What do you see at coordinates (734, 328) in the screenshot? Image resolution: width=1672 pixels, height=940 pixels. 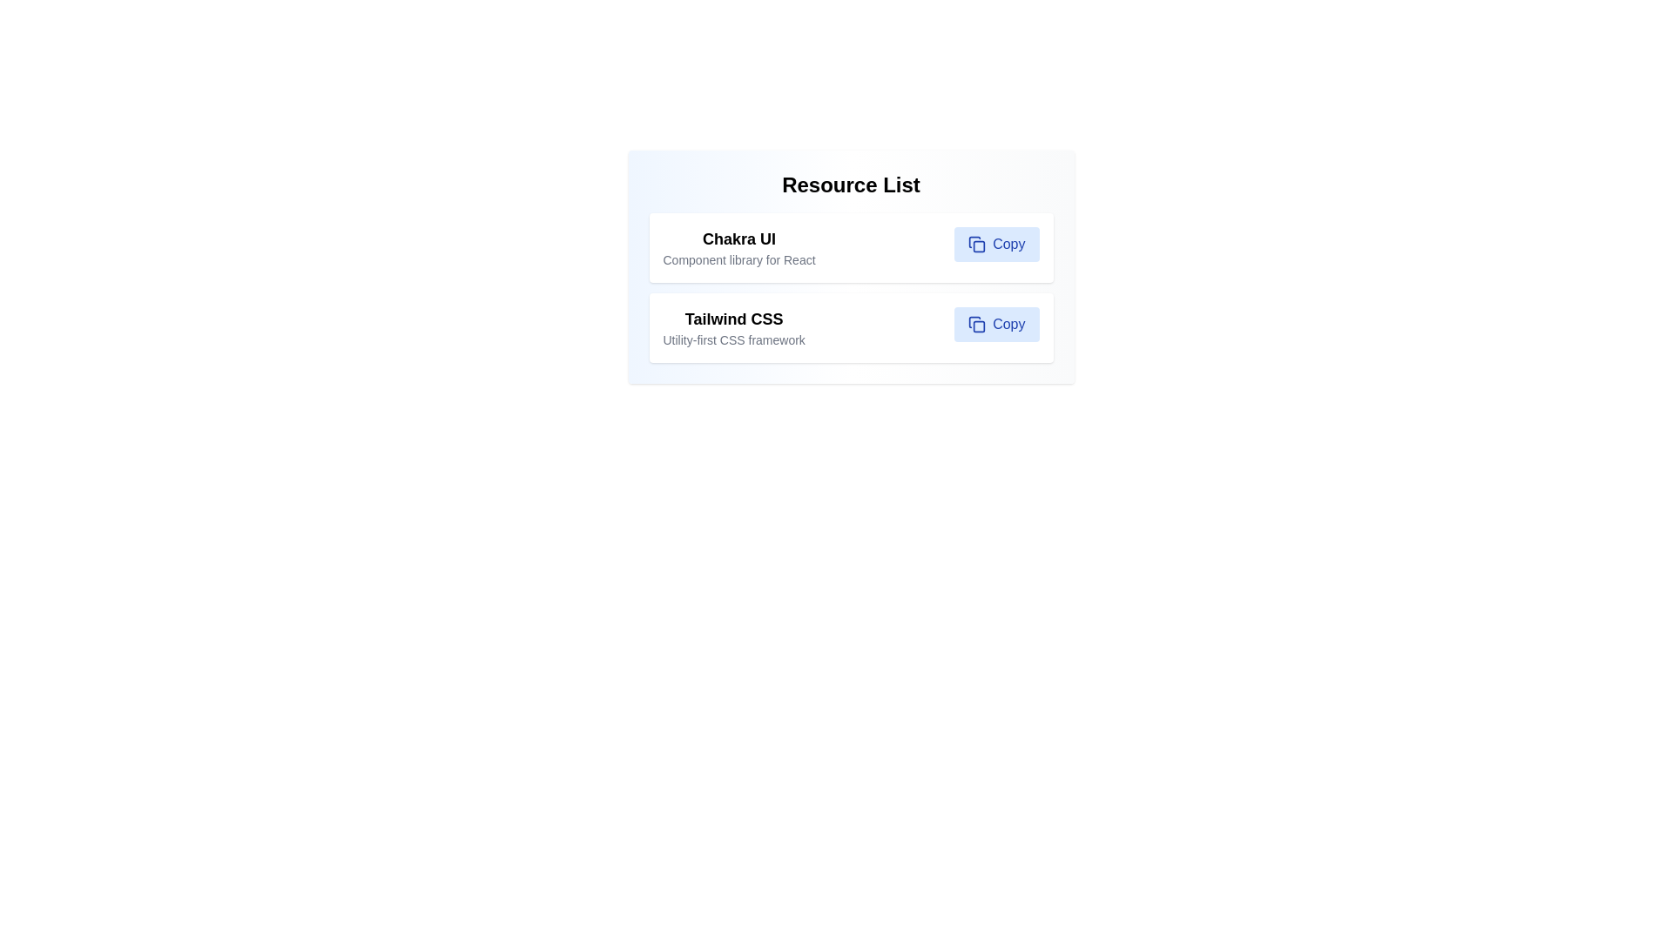 I see `the Text Display element containing the title 'Tailwind CSS' and the description 'Utility-first CSS framework', which is part of the second card in the list` at bounding box center [734, 328].